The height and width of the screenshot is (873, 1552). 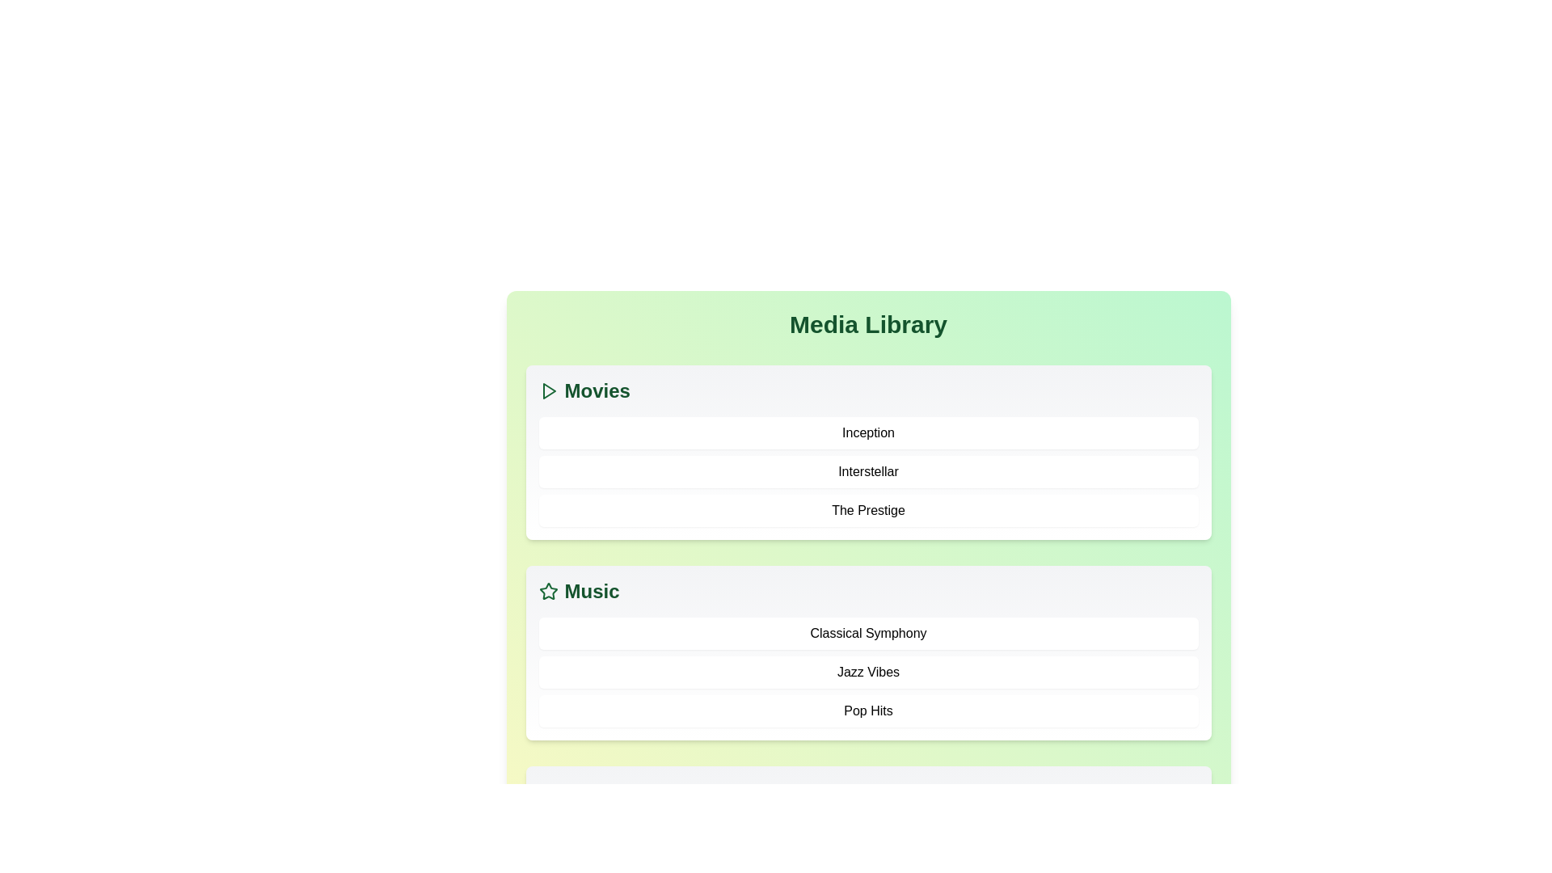 What do you see at coordinates (867, 710) in the screenshot?
I see `the item Pop Hits from the Music category` at bounding box center [867, 710].